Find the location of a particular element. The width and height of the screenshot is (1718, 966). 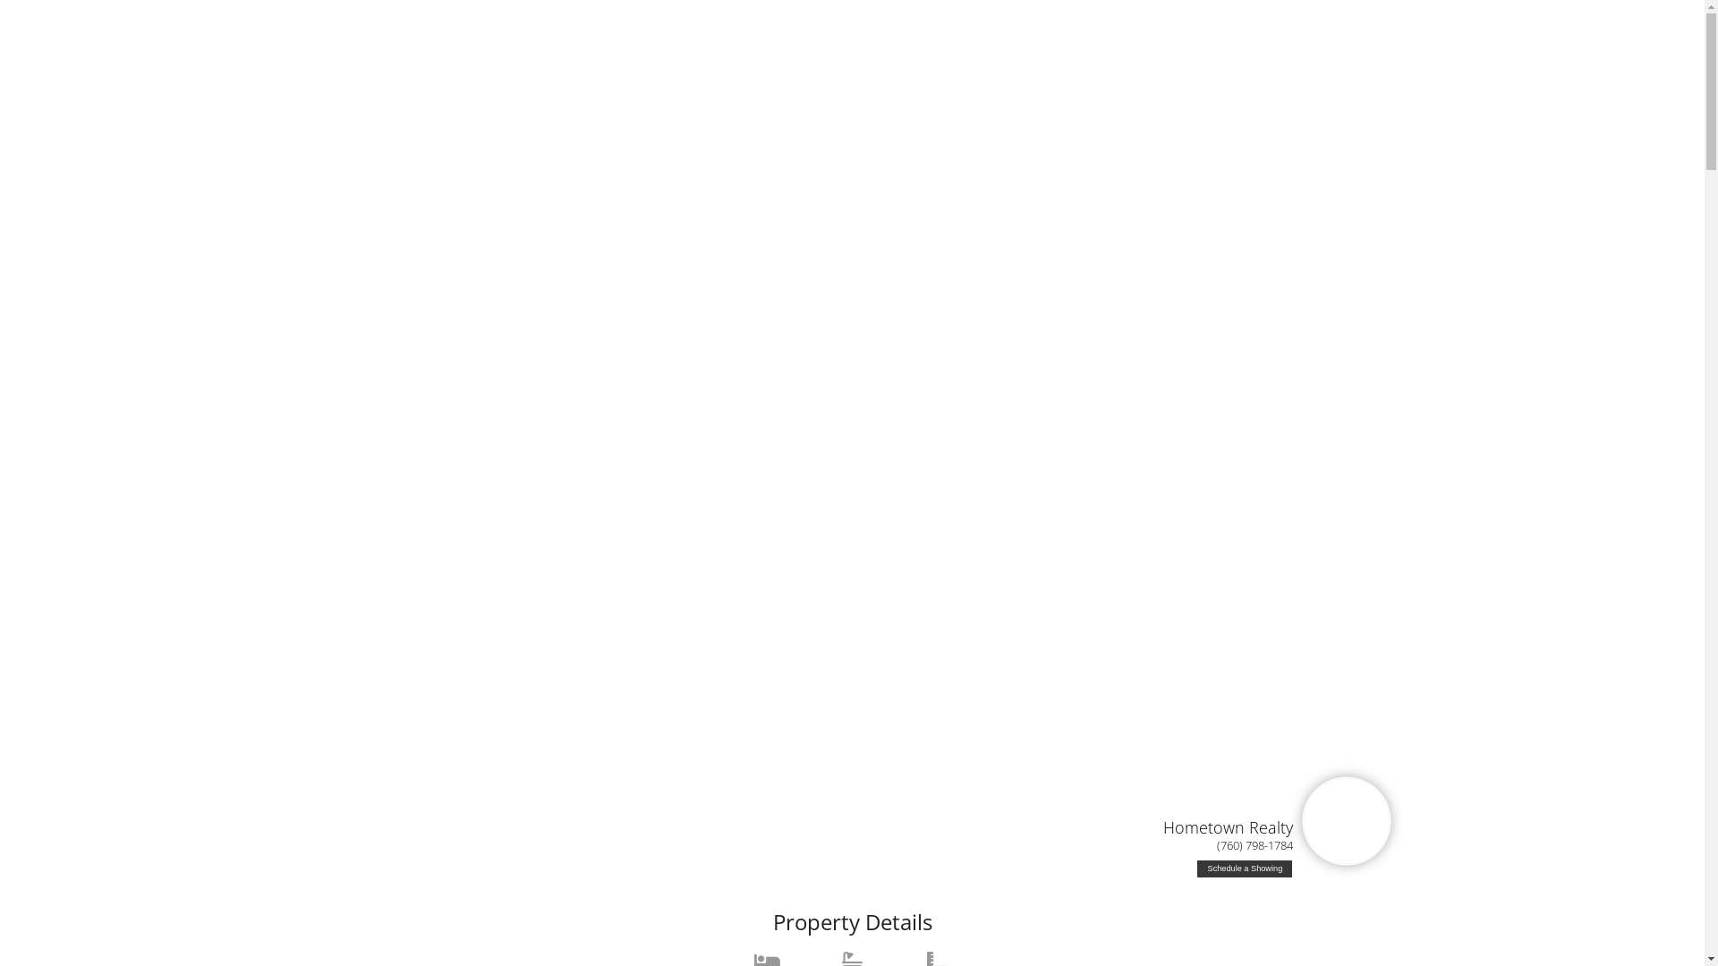

'Schedule a Showing' is located at coordinates (1244, 868).